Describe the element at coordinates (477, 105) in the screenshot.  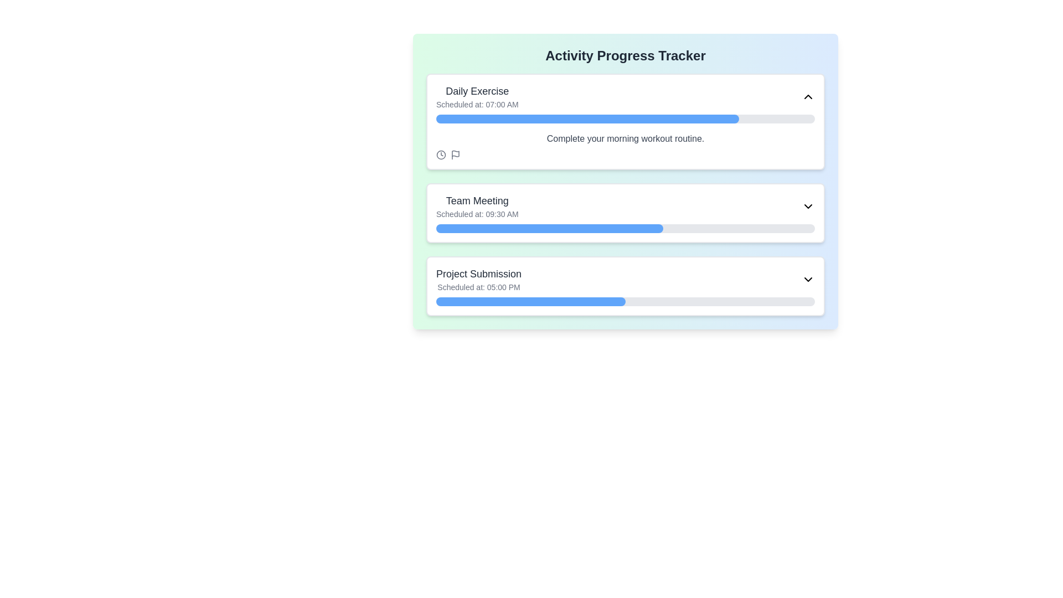
I see `the static text label that informs the user about the scheduled time of the 'Daily Exercise' activity, located below the 'Daily Exercise' text in the topmost card of the interface` at that location.